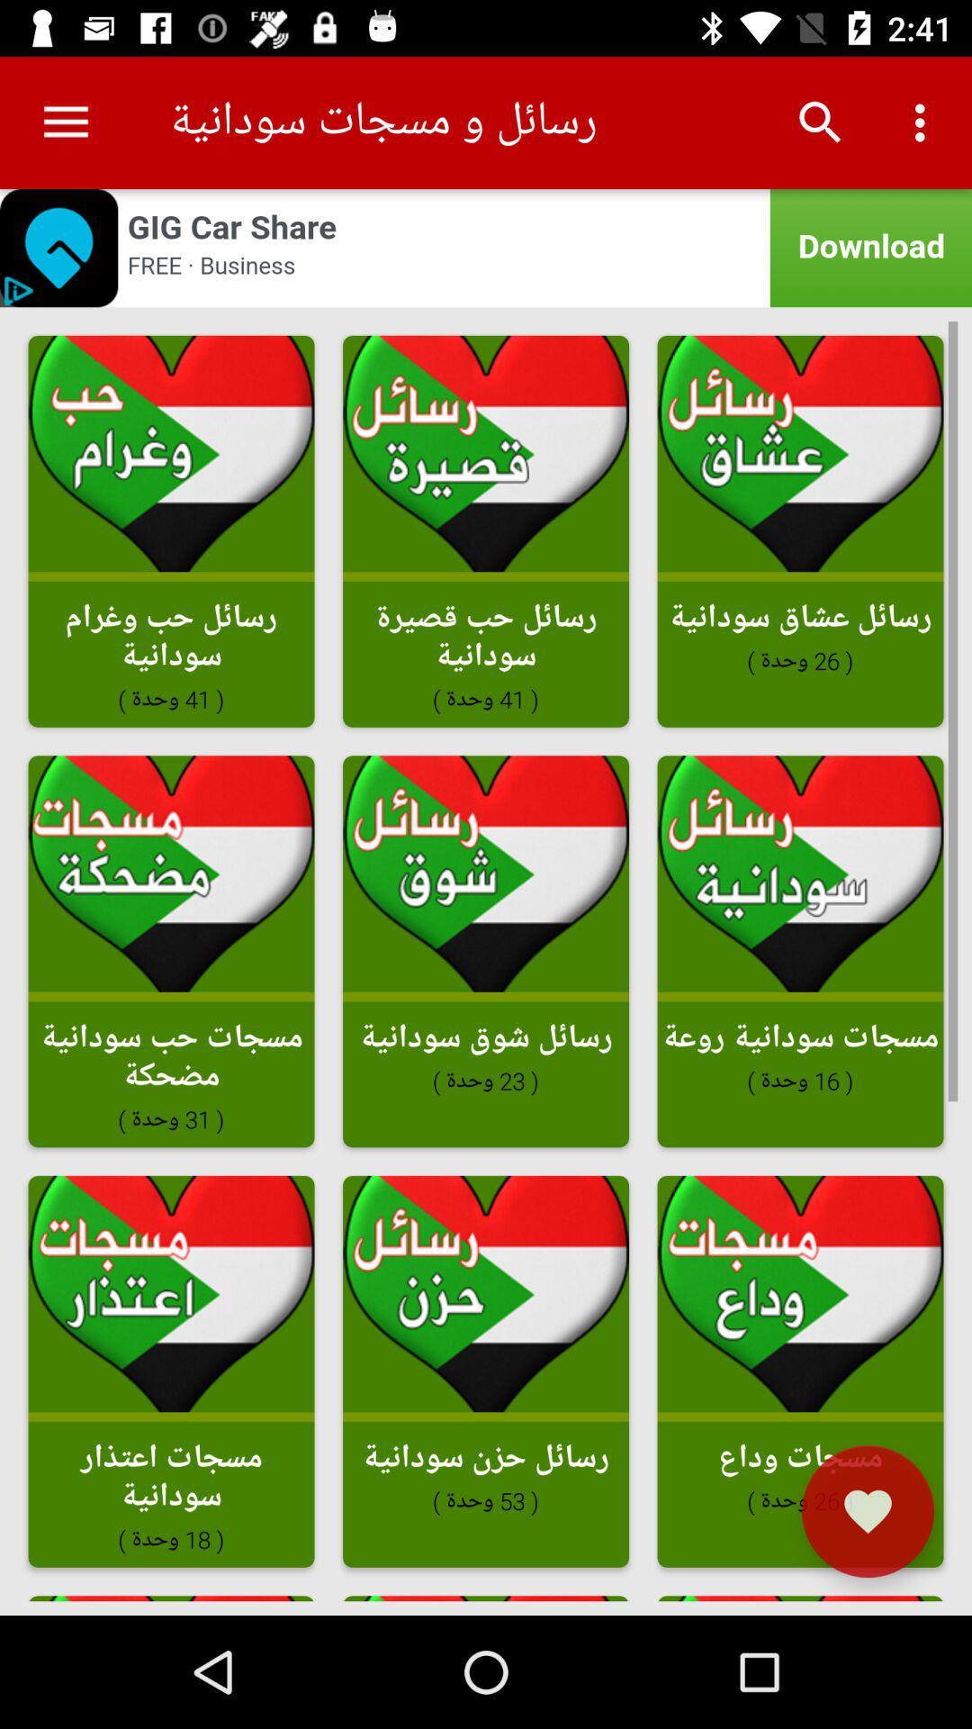  I want to click on the favorite icon, so click(867, 1511).